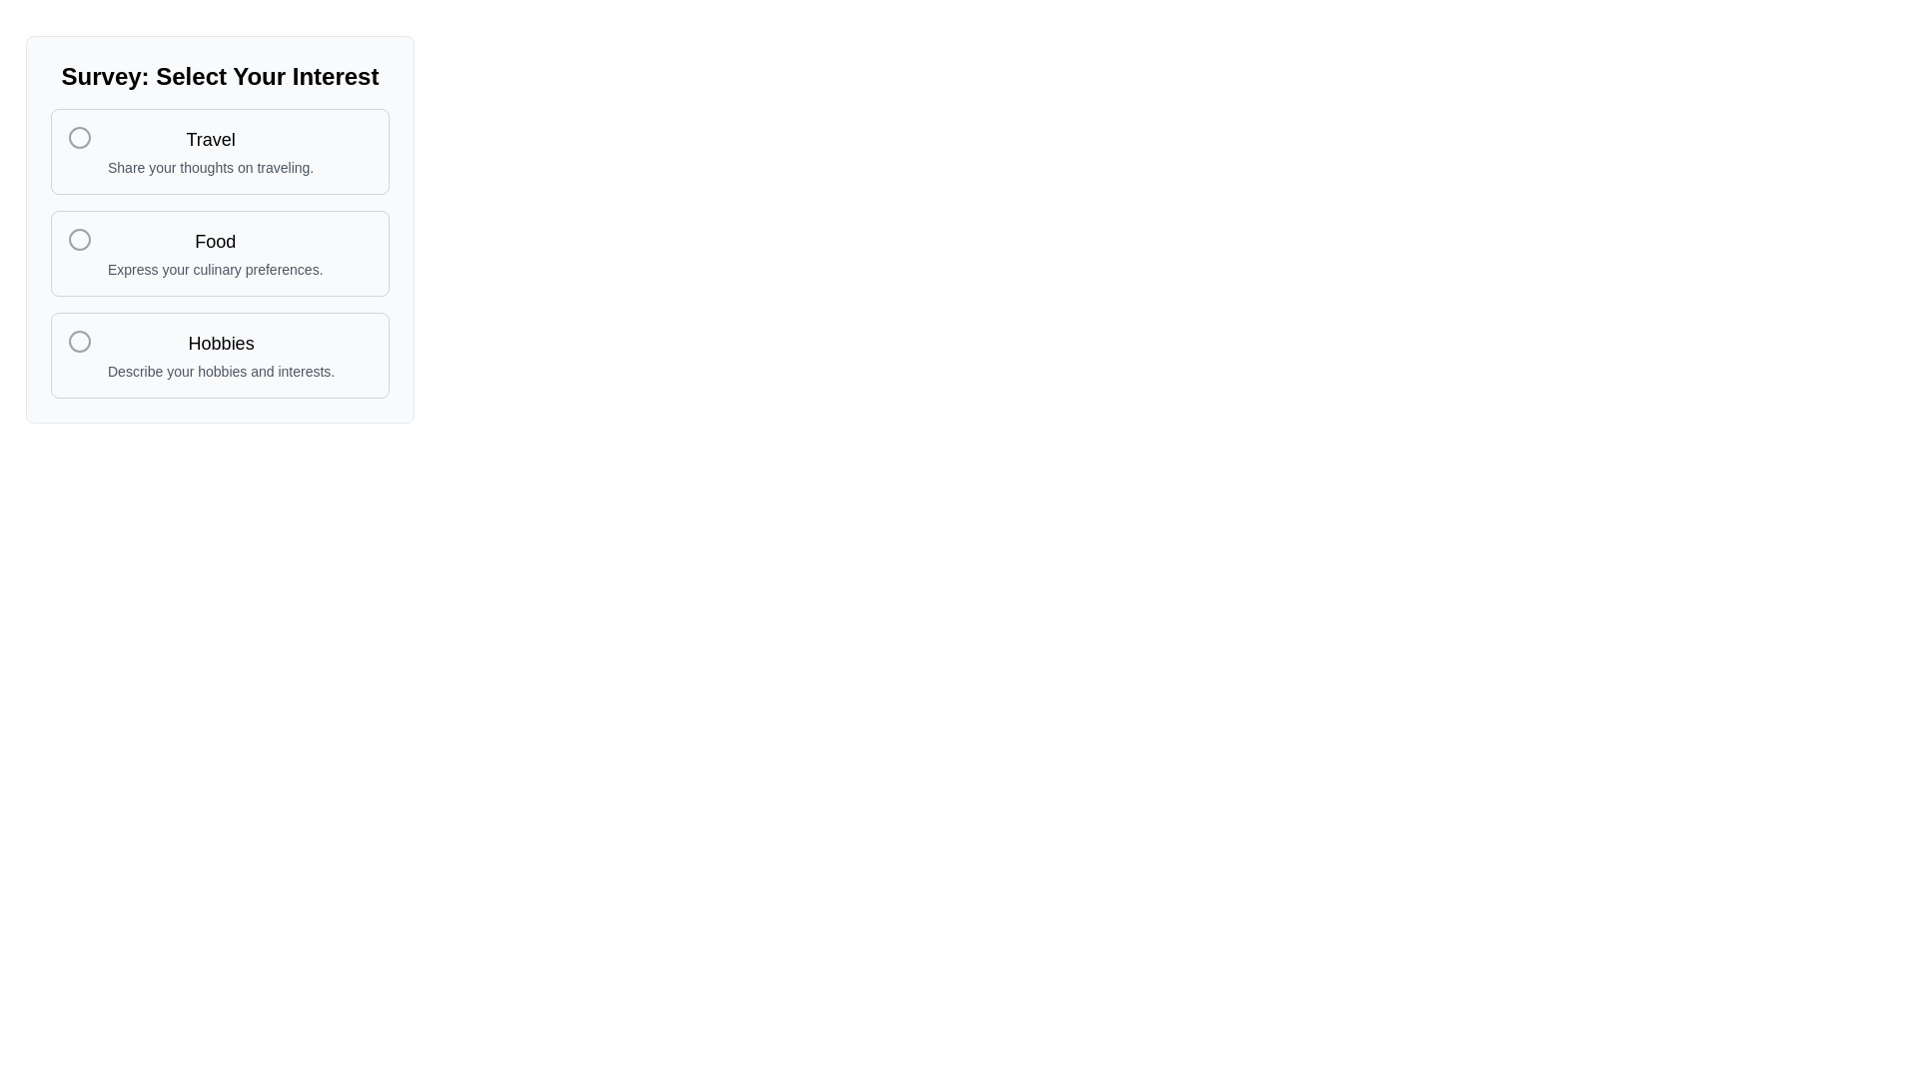 This screenshot has width=1918, height=1079. Describe the element at coordinates (220, 150) in the screenshot. I see `the first selectable card with a radio button, which allows users to share their views on traveling in a survey selection interface` at that location.